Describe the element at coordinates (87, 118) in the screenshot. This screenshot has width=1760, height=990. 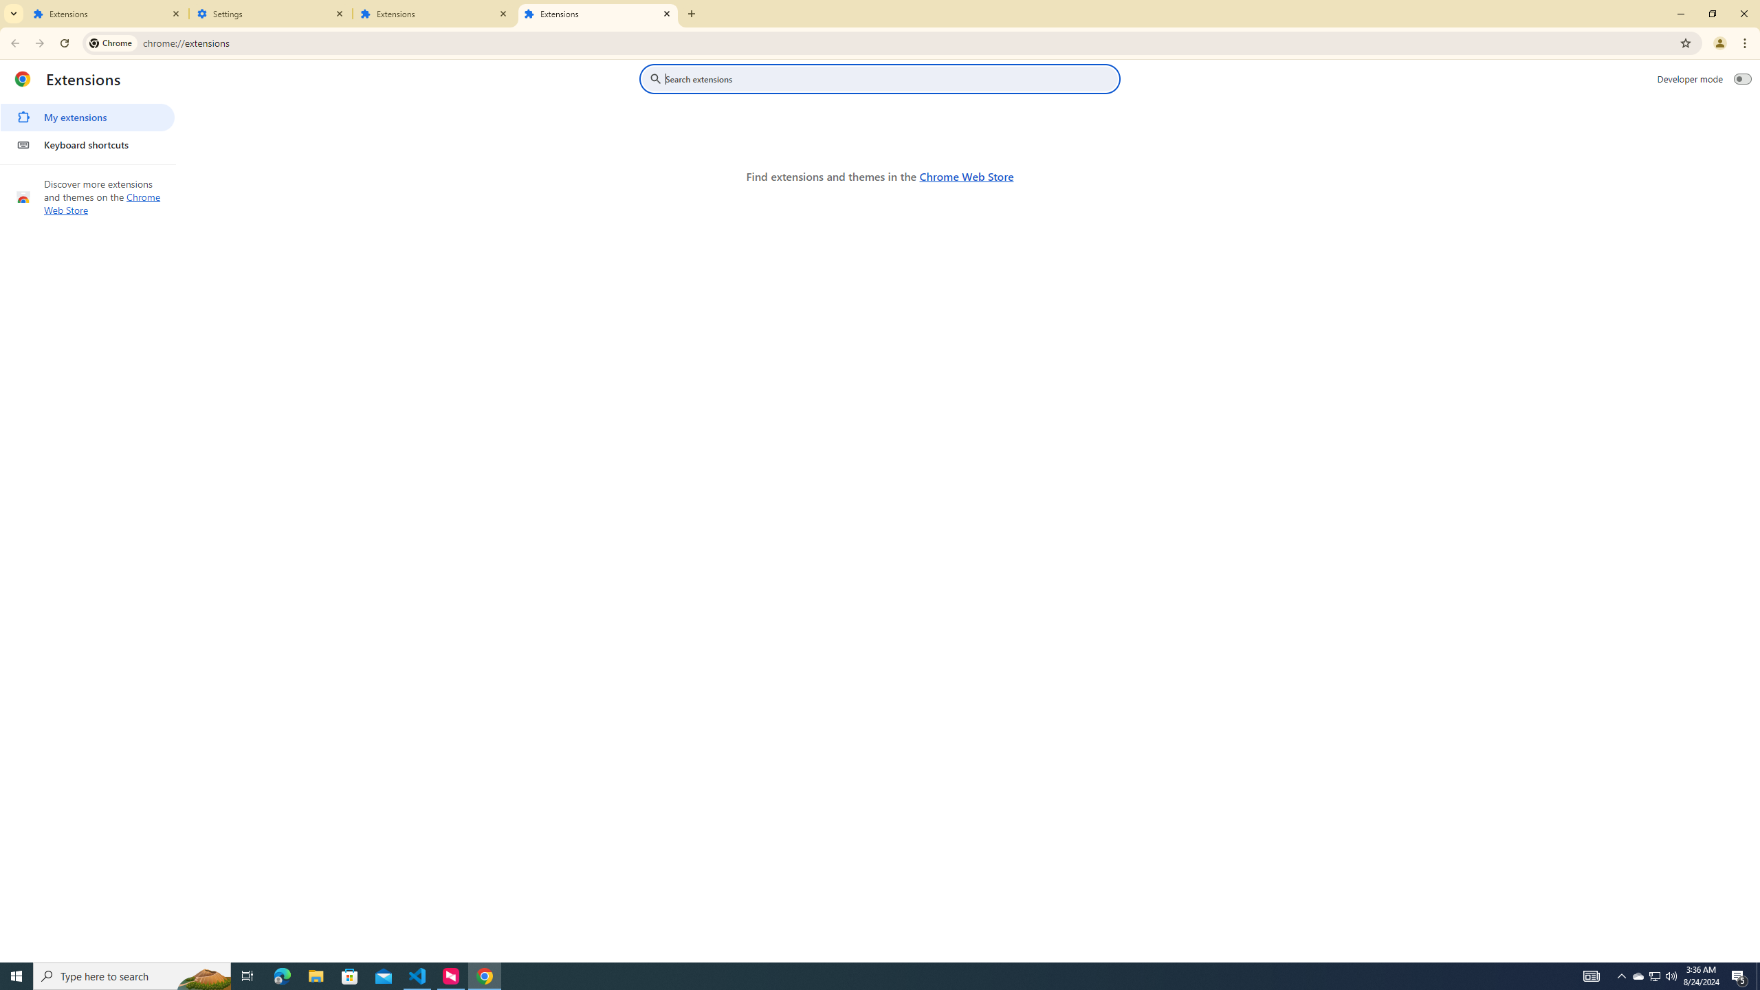
I see `'My extensions'` at that location.